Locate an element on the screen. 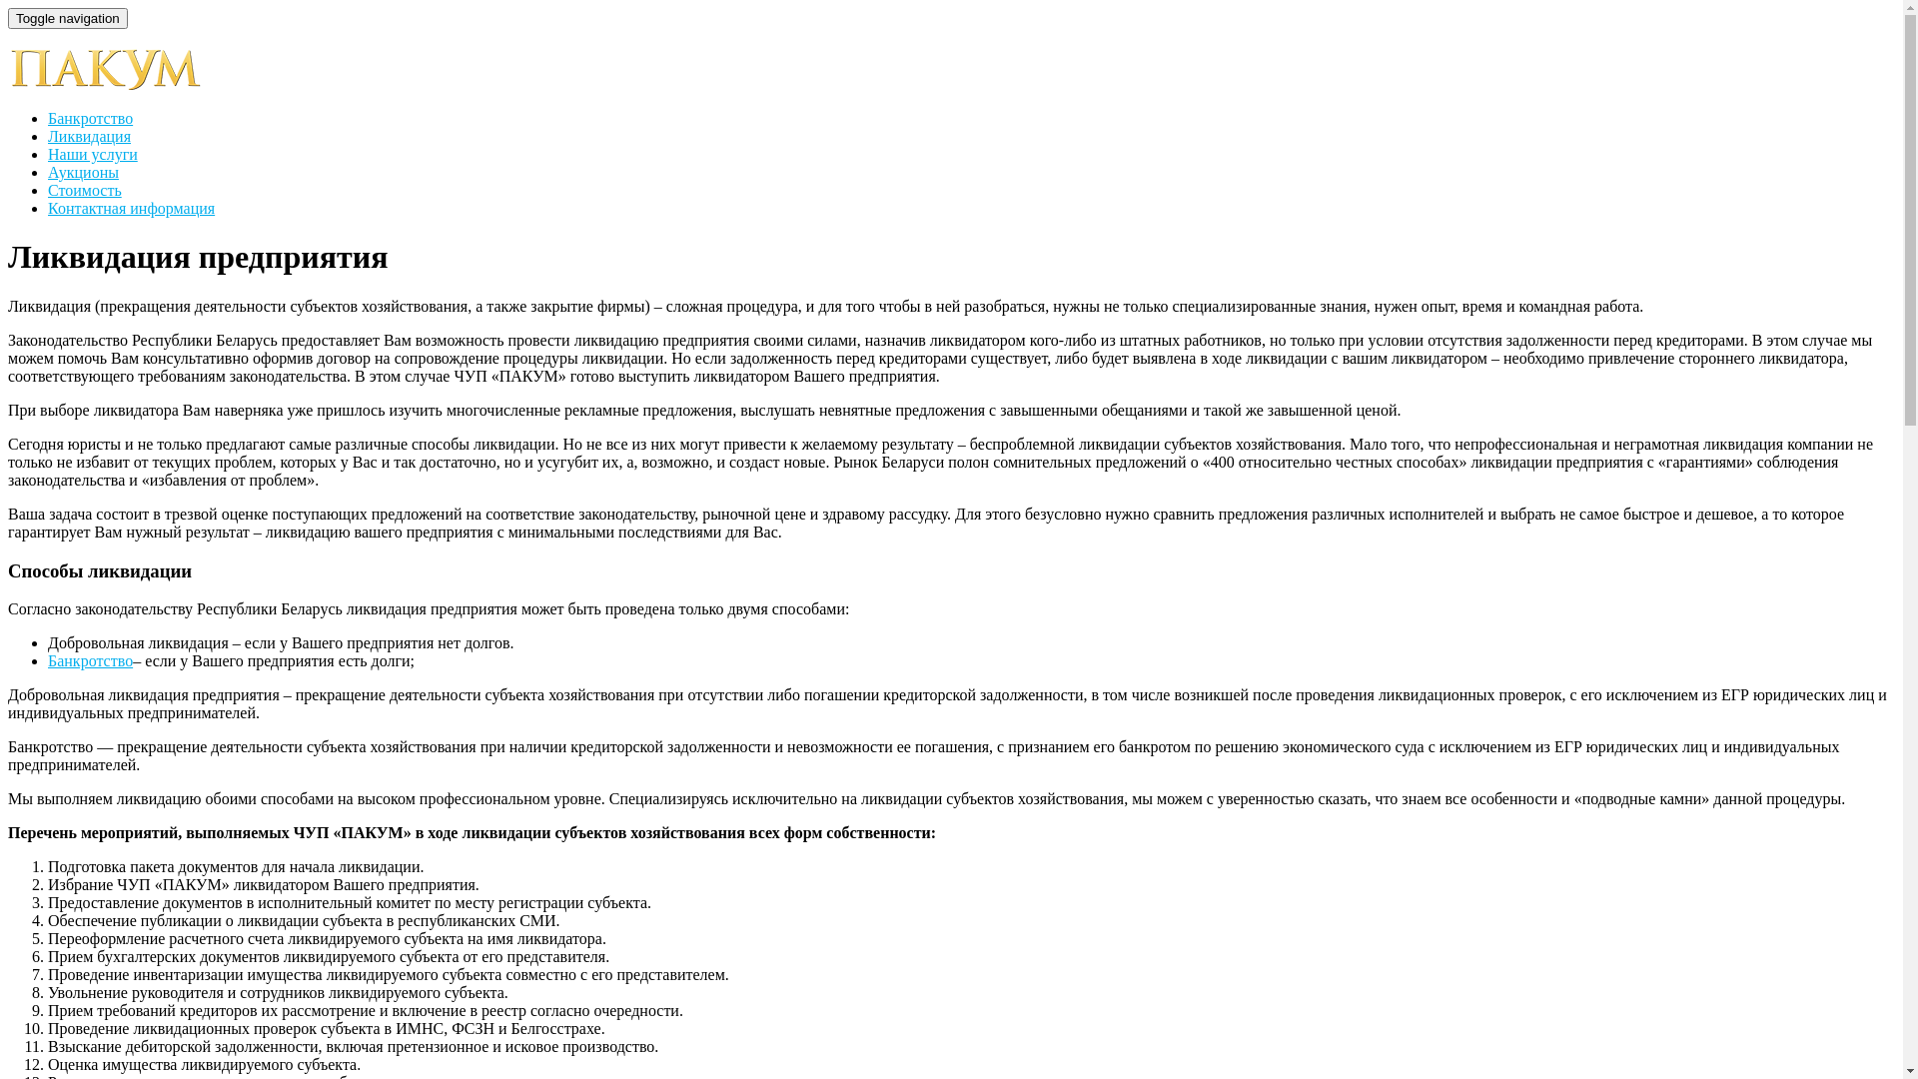 Image resolution: width=1918 pixels, height=1079 pixels. 'Toggle navigation' is located at coordinates (8, 18).